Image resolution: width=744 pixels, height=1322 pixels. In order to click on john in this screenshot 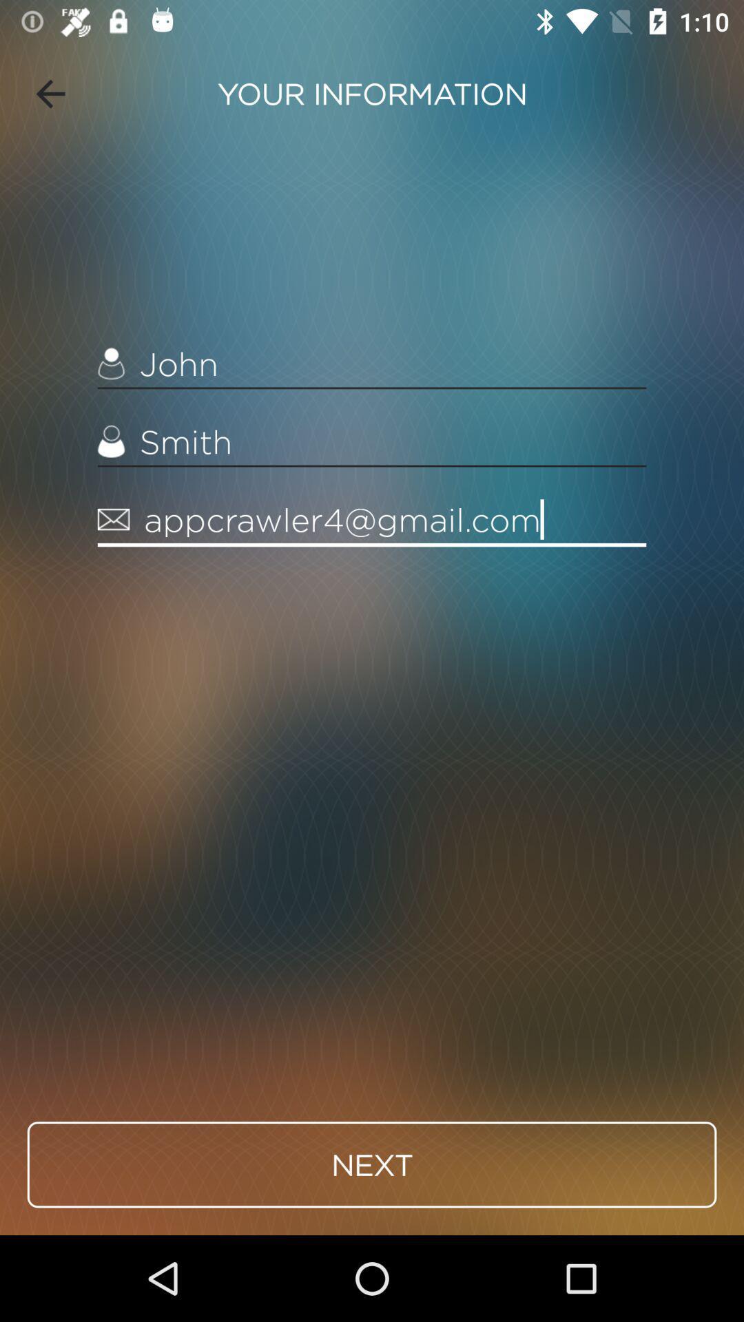, I will do `click(372, 364)`.